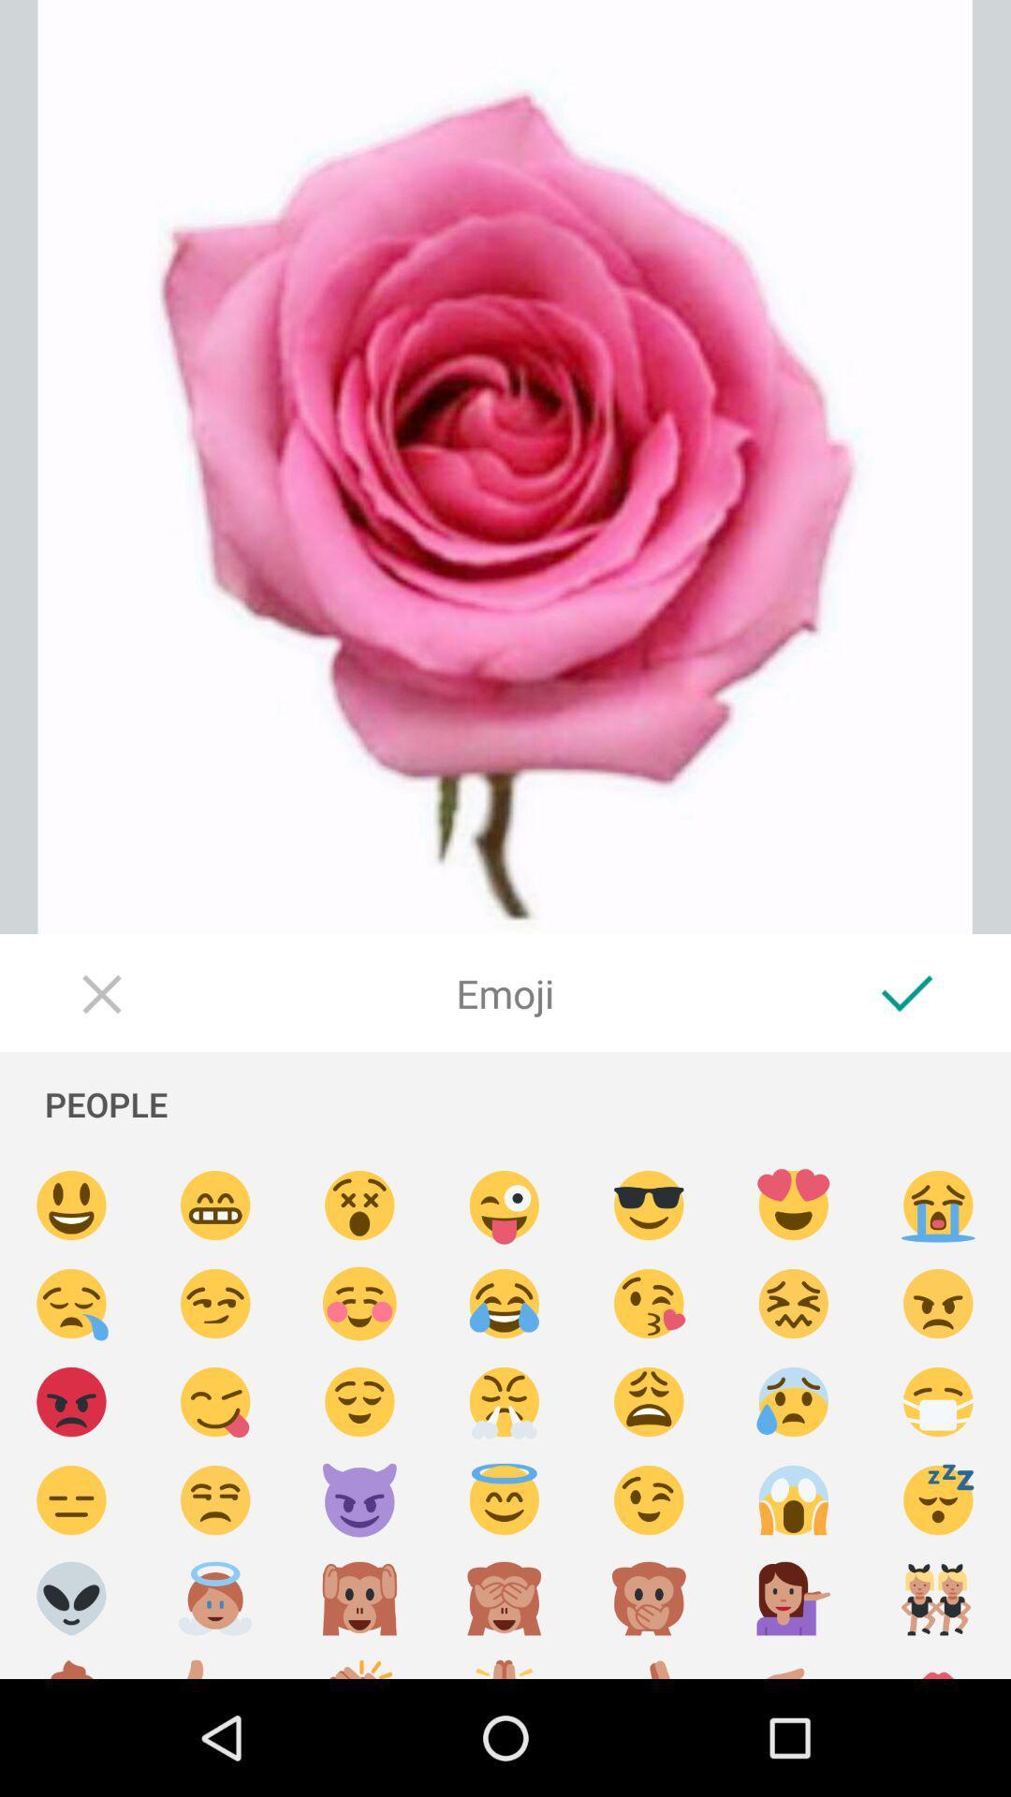 The width and height of the screenshot is (1011, 1797). I want to click on dead emoji, so click(359, 1205).